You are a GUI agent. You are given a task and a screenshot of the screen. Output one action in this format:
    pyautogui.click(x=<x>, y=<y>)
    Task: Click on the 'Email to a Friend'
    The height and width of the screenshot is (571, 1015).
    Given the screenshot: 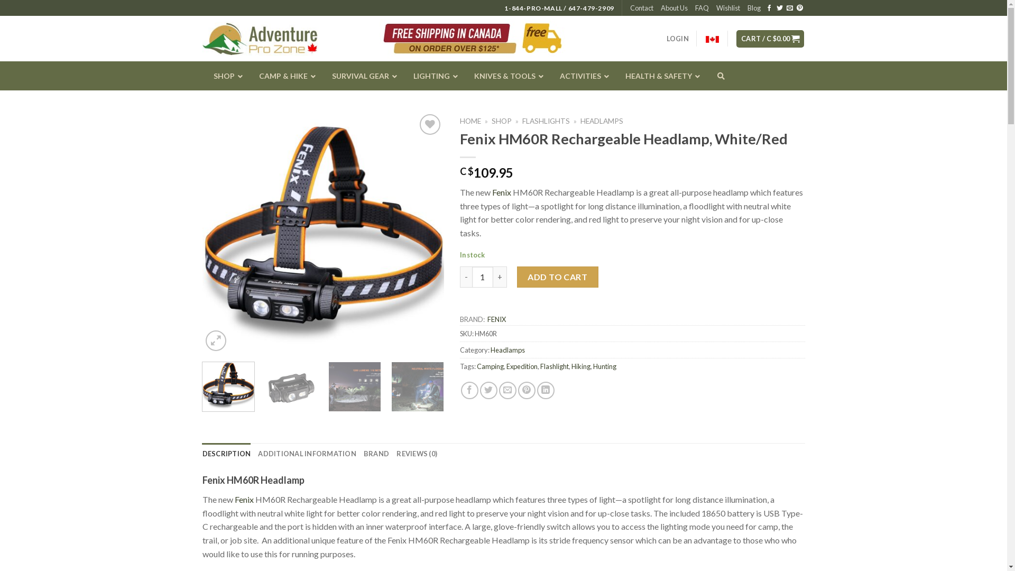 What is the action you would take?
    pyautogui.click(x=508, y=390)
    